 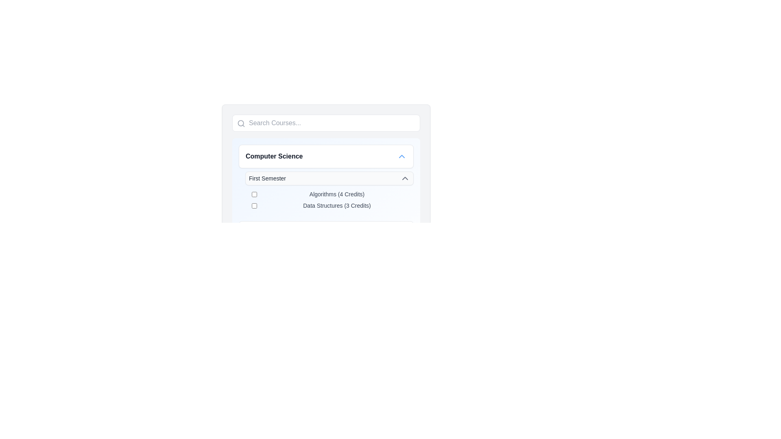 I want to click on central SVG circle element of the magnifying glass icon located in the search bar at the top left corner of the interface using developer tools, so click(x=240, y=123).